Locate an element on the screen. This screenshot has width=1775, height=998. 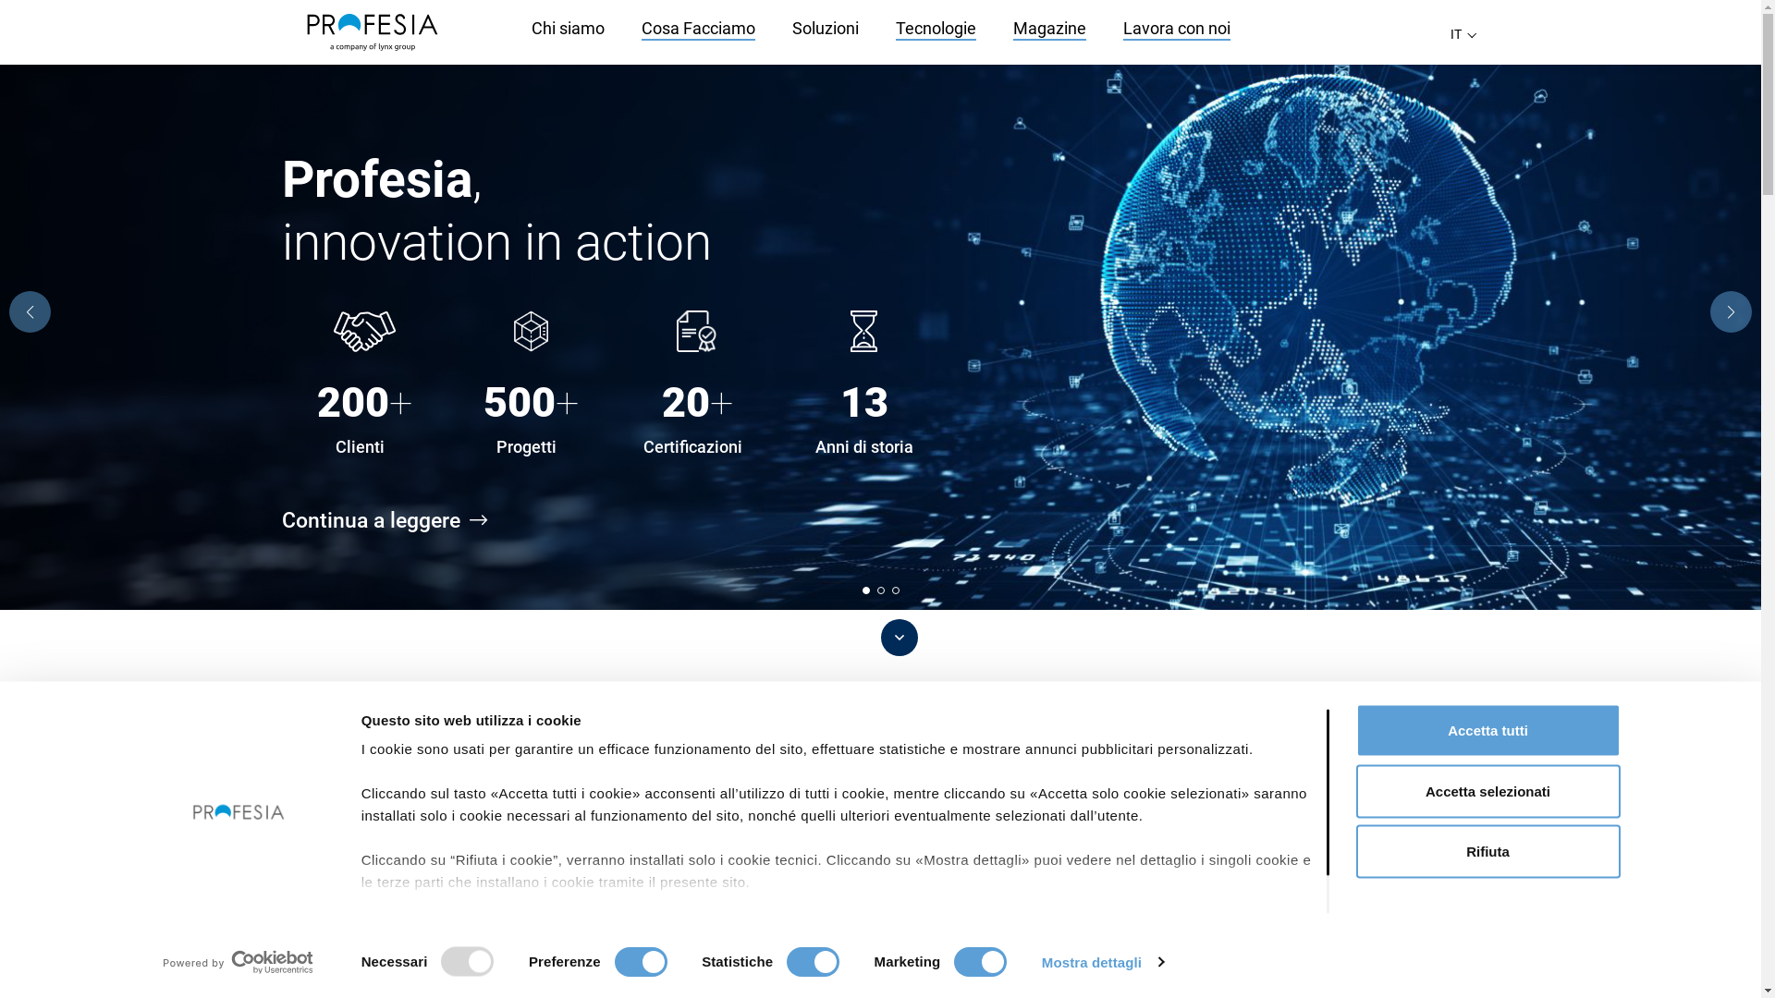
'Profesia' is located at coordinates (371, 31).